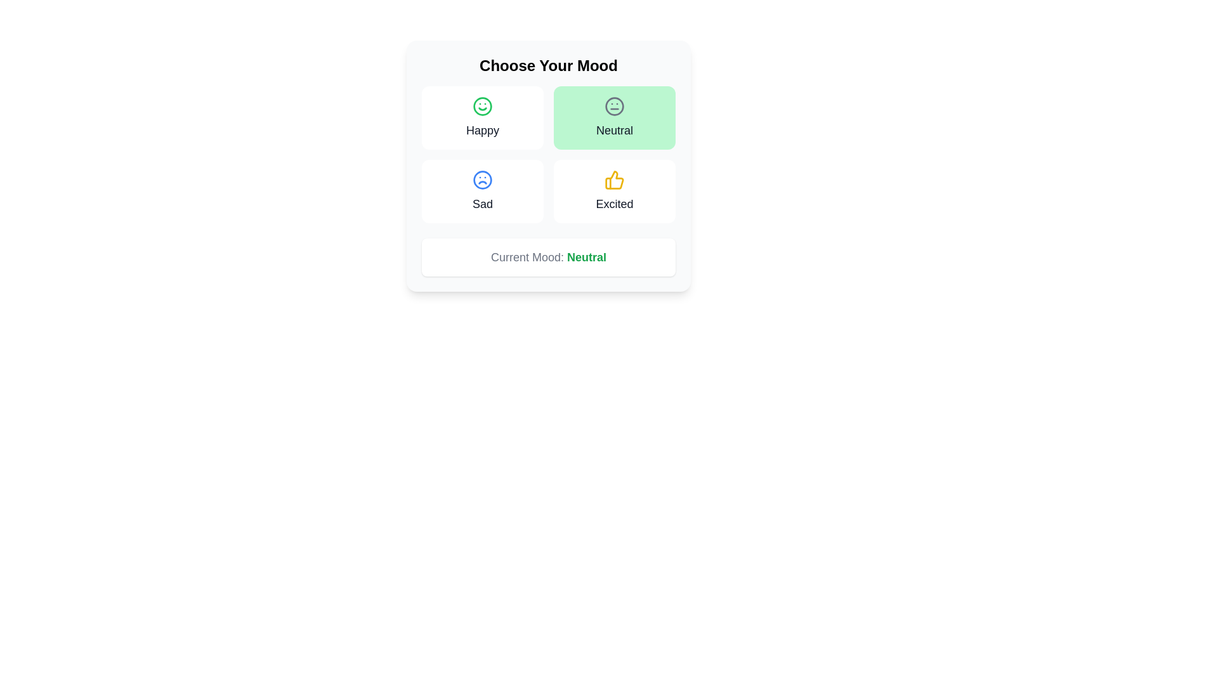 This screenshot has width=1218, height=685. Describe the element at coordinates (548, 166) in the screenshot. I see `the mood option within the Card UI element that allows users` at that location.